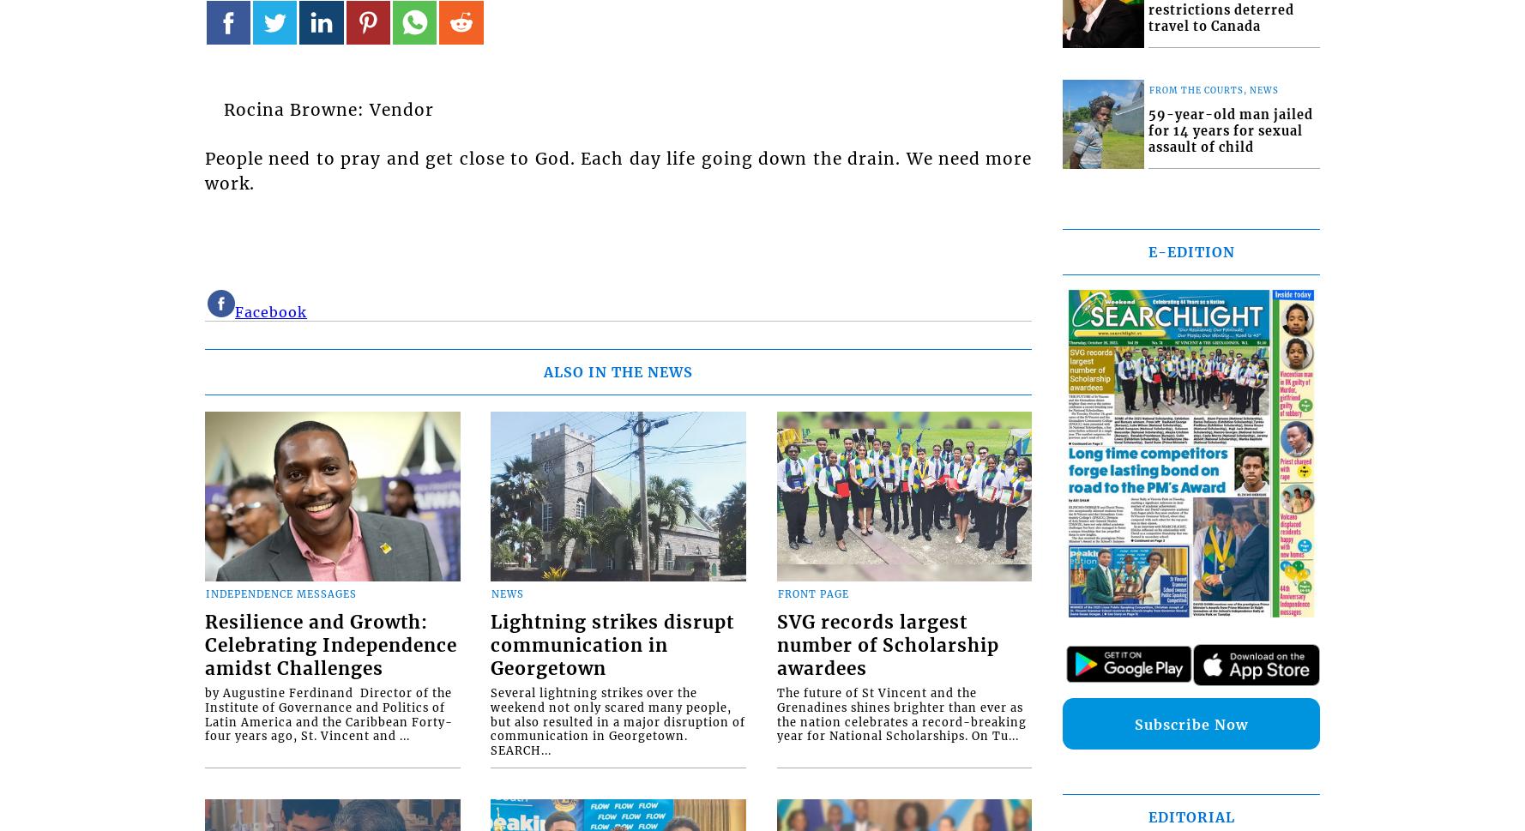 This screenshot has height=831, width=1525. Describe the element at coordinates (543, 370) in the screenshot. I see `'ALSO IN THE NEWS'` at that location.